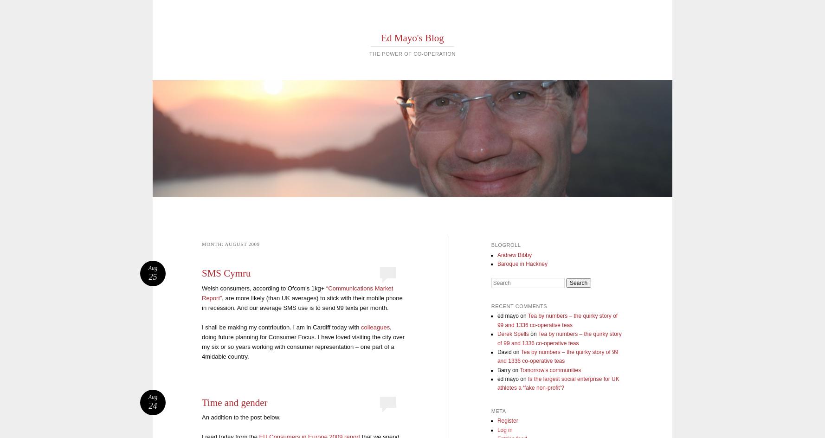 This screenshot has height=438, width=825. I want to click on 'Barry on', so click(508, 369).